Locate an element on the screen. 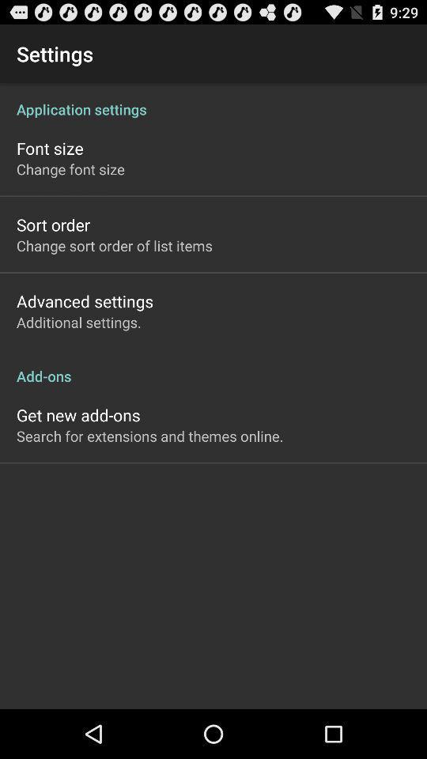 This screenshot has width=427, height=759. the icon below change sort order is located at coordinates (85, 300).